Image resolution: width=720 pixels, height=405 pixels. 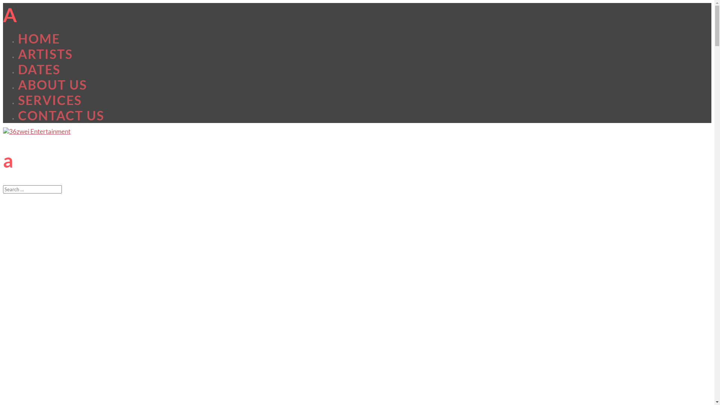 I want to click on 'DATES', so click(x=39, y=69).